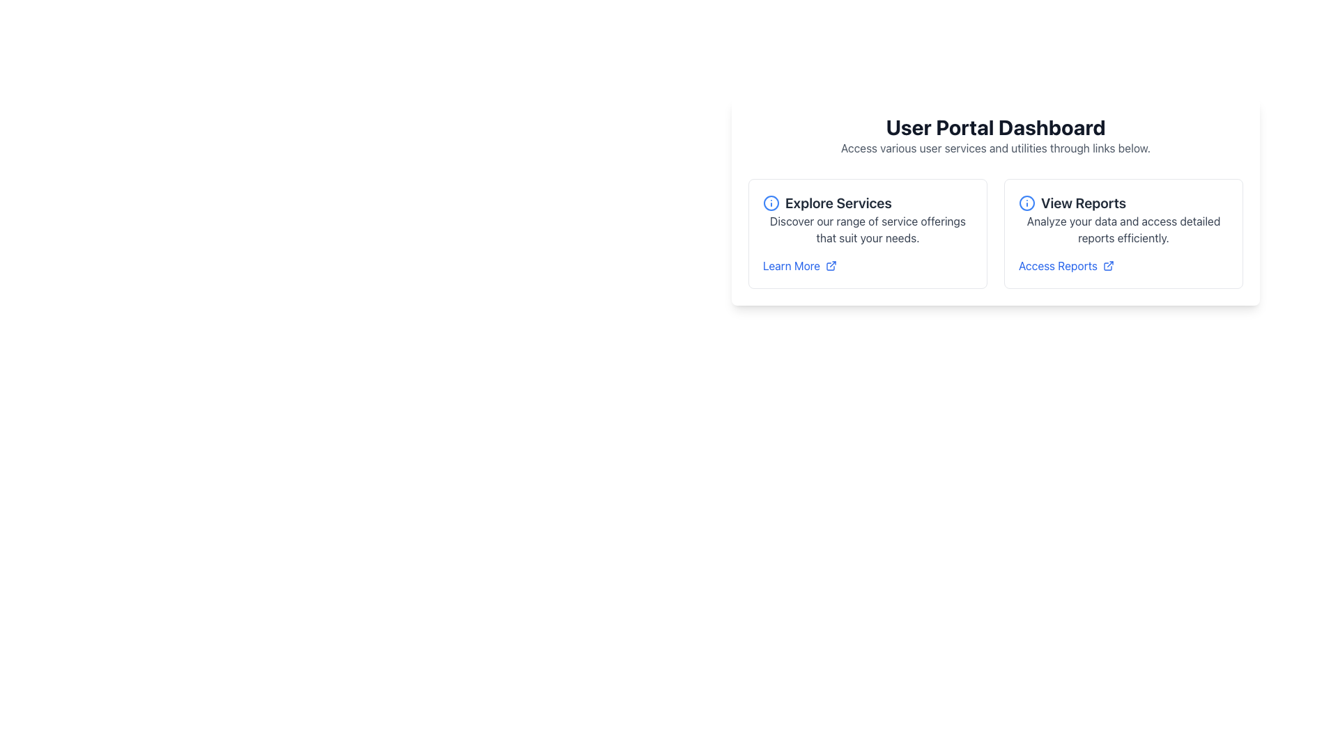  I want to click on the text element 'User Portal Dashboard', which is styled with bold, large font in dark gray color and centrally placed at the top of the section, so click(995, 127).